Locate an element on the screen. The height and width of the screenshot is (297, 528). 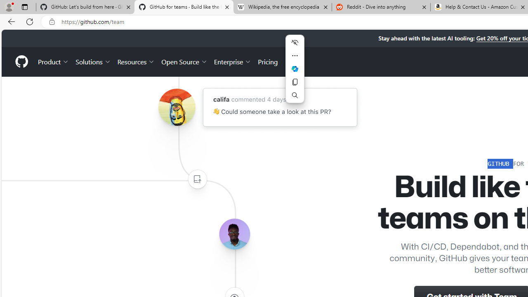
'Resources' is located at coordinates (136, 61).